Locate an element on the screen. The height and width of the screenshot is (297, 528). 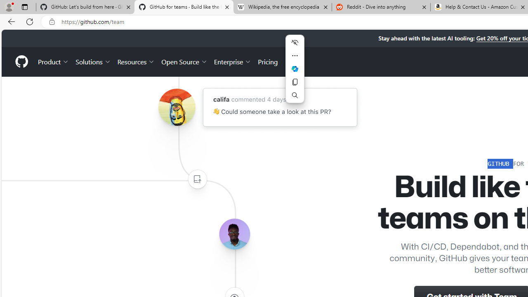
'Resources' is located at coordinates (136, 61).